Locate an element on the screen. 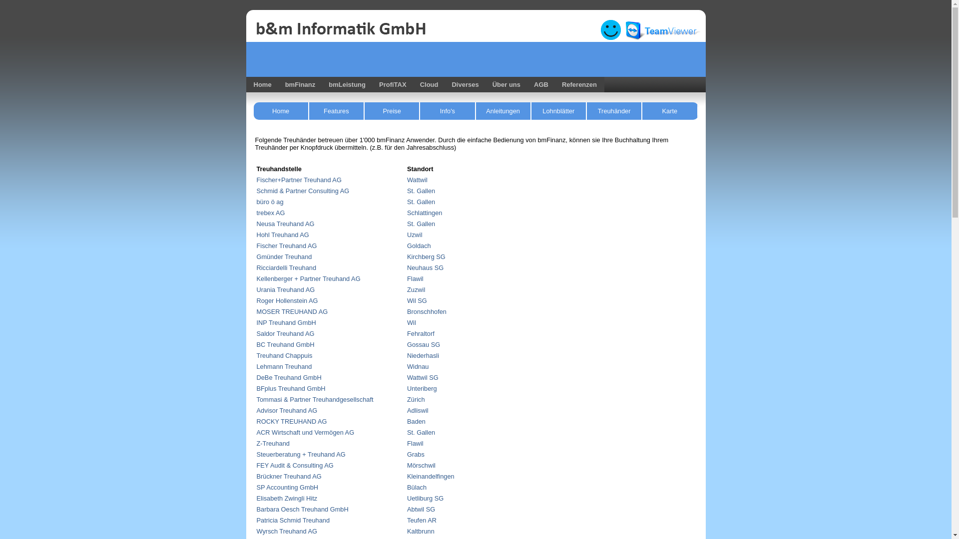 Image resolution: width=959 pixels, height=539 pixels. 'BC Treuhand GmbH' is located at coordinates (285, 344).